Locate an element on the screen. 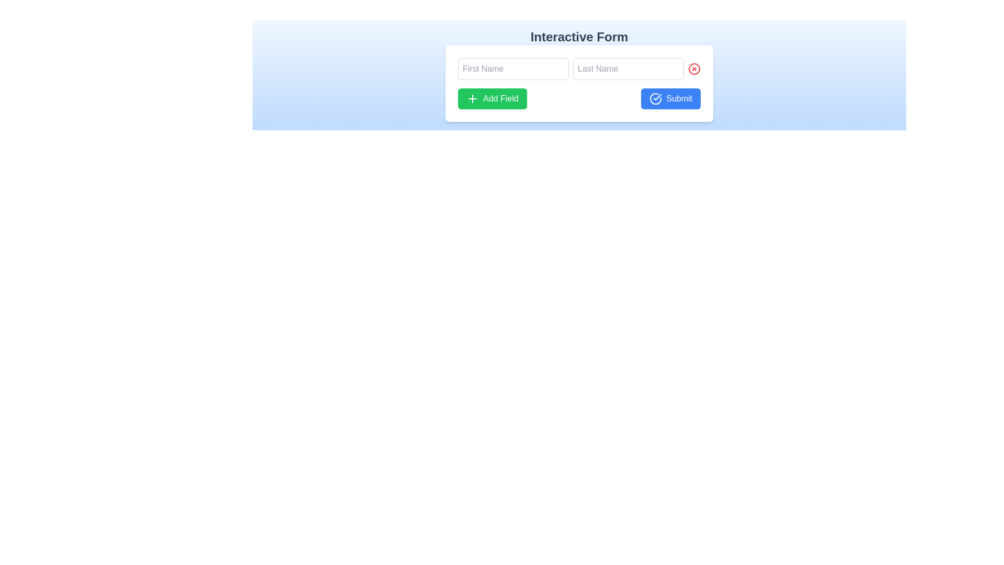 This screenshot has height=565, width=1004. the 'Submit' text label located on the blue button is located at coordinates (679, 99).